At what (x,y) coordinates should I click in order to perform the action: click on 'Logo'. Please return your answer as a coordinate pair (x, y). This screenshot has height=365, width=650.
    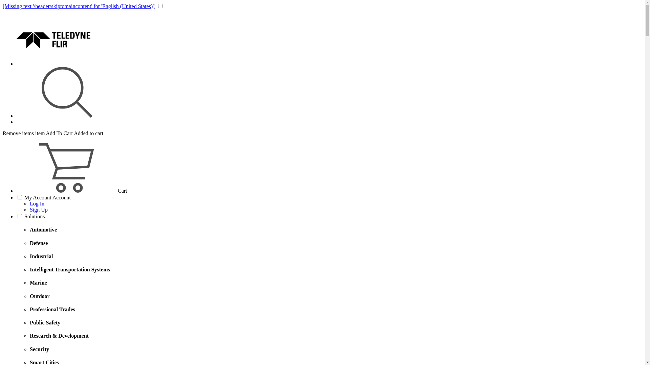
    Looking at the image, I should click on (67, 64).